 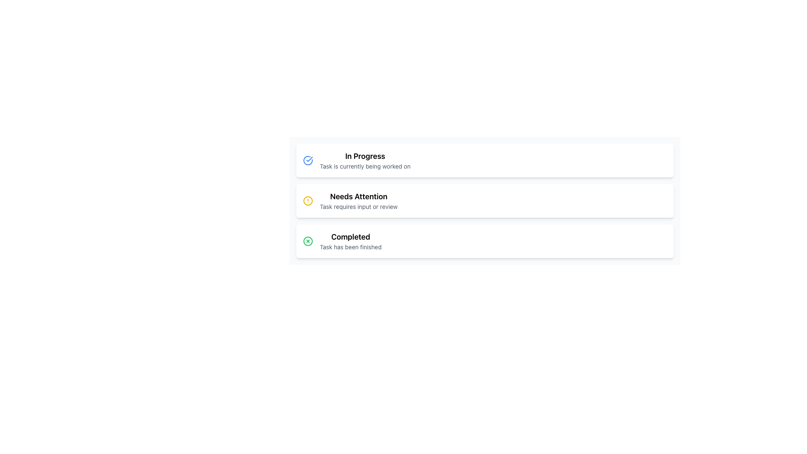 What do you see at coordinates (485, 241) in the screenshot?
I see `the Status card, which indicates task completion and is the third item in a vertical stack of status cards` at bounding box center [485, 241].